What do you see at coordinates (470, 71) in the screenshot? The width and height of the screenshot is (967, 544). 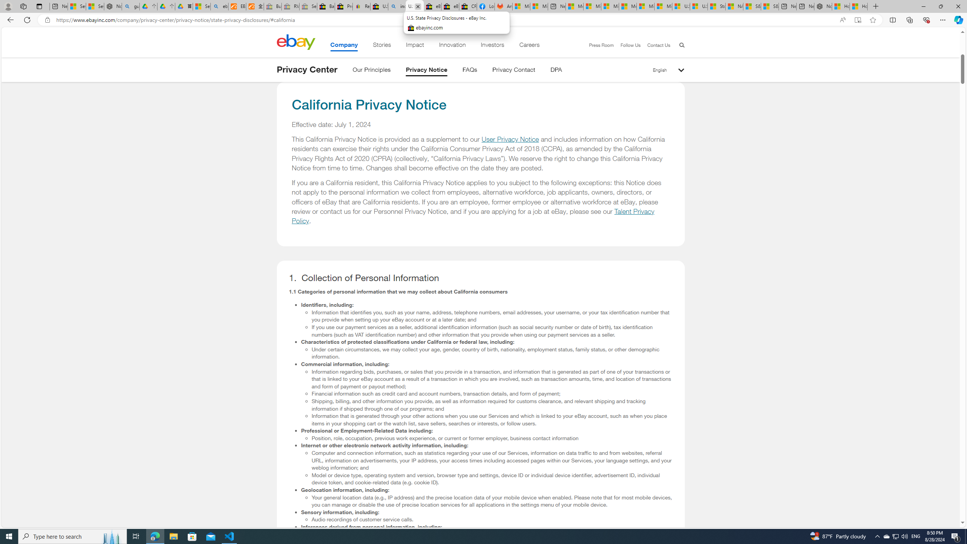 I see `'FAQs'` at bounding box center [470, 71].